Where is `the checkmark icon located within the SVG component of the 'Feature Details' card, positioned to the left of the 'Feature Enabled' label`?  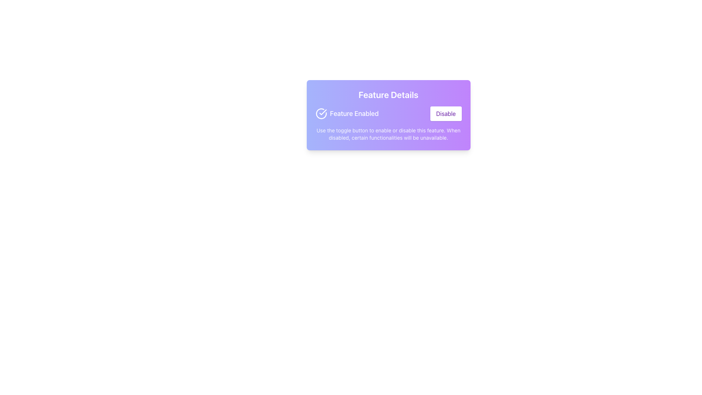 the checkmark icon located within the SVG component of the 'Feature Details' card, positioned to the left of the 'Feature Enabled' label is located at coordinates (322, 112).